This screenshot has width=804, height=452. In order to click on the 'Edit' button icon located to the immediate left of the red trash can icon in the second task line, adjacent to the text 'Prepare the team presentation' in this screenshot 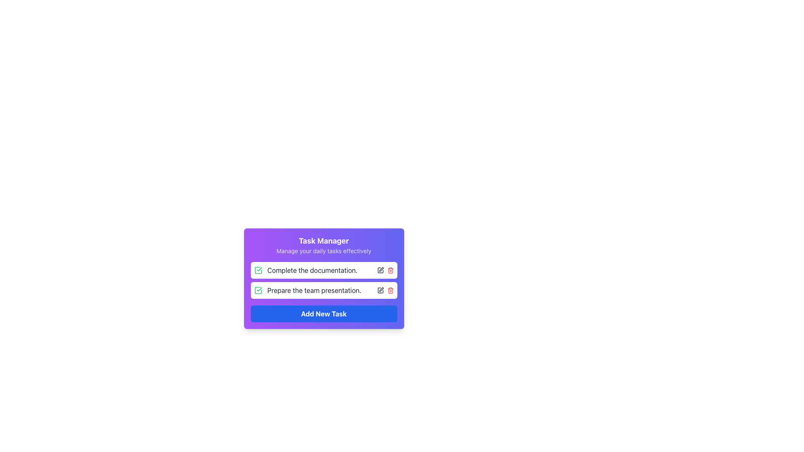, I will do `click(380, 290)`.